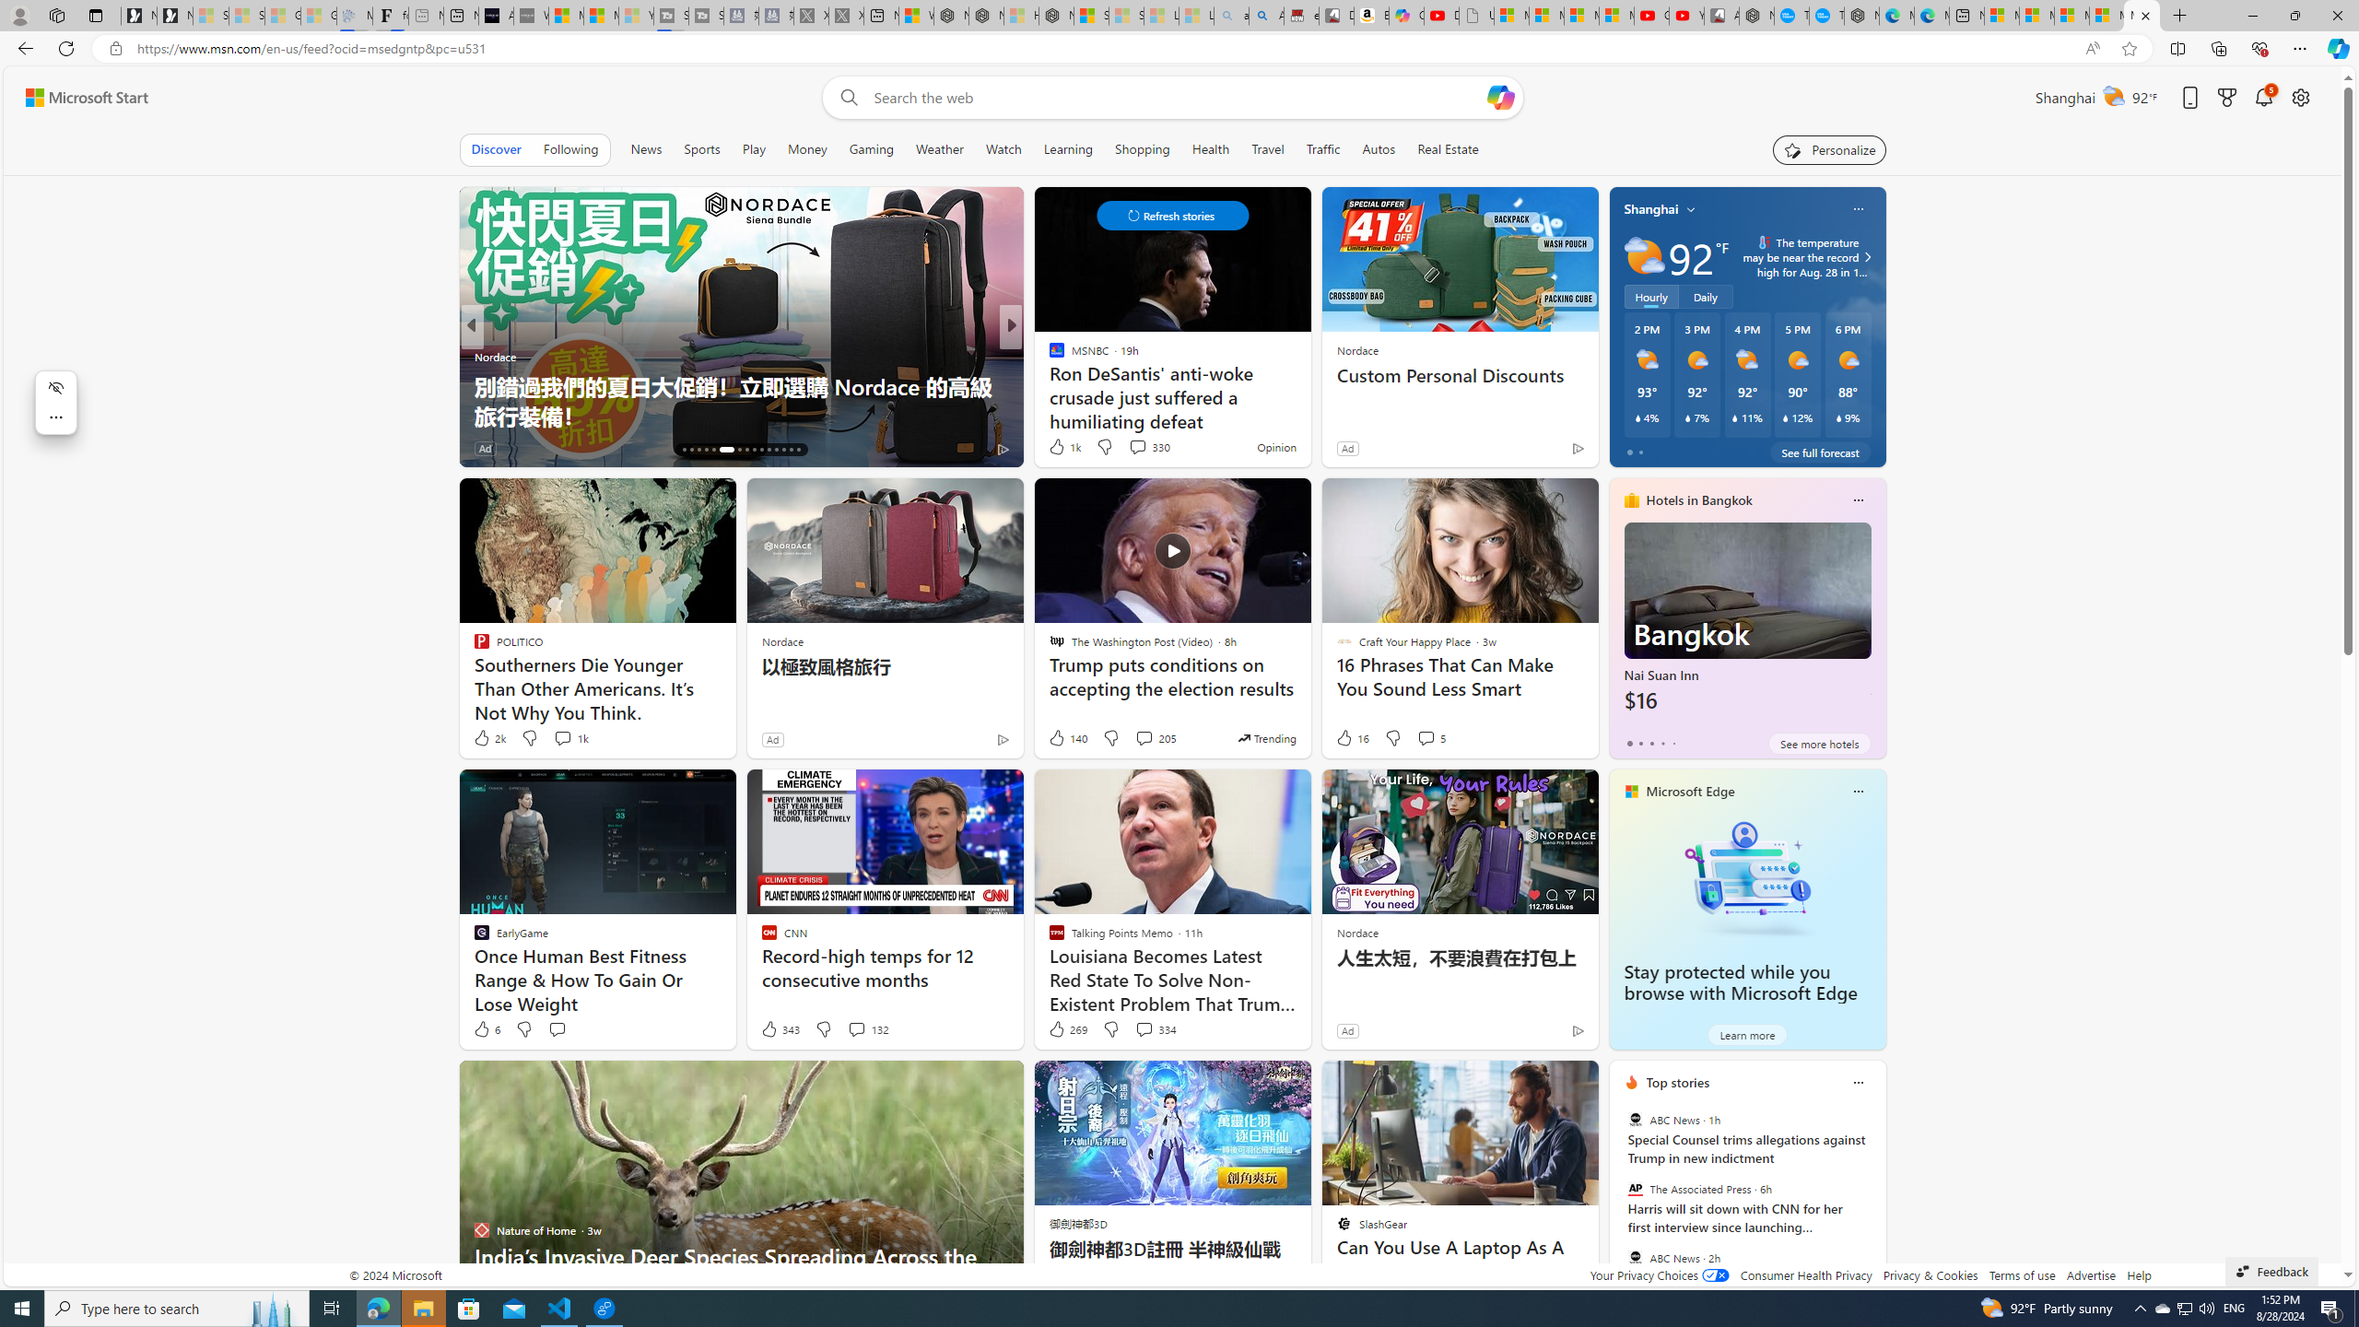 Image resolution: width=2359 pixels, height=1327 pixels. What do you see at coordinates (1057, 448) in the screenshot?
I see `'18 Like'` at bounding box center [1057, 448].